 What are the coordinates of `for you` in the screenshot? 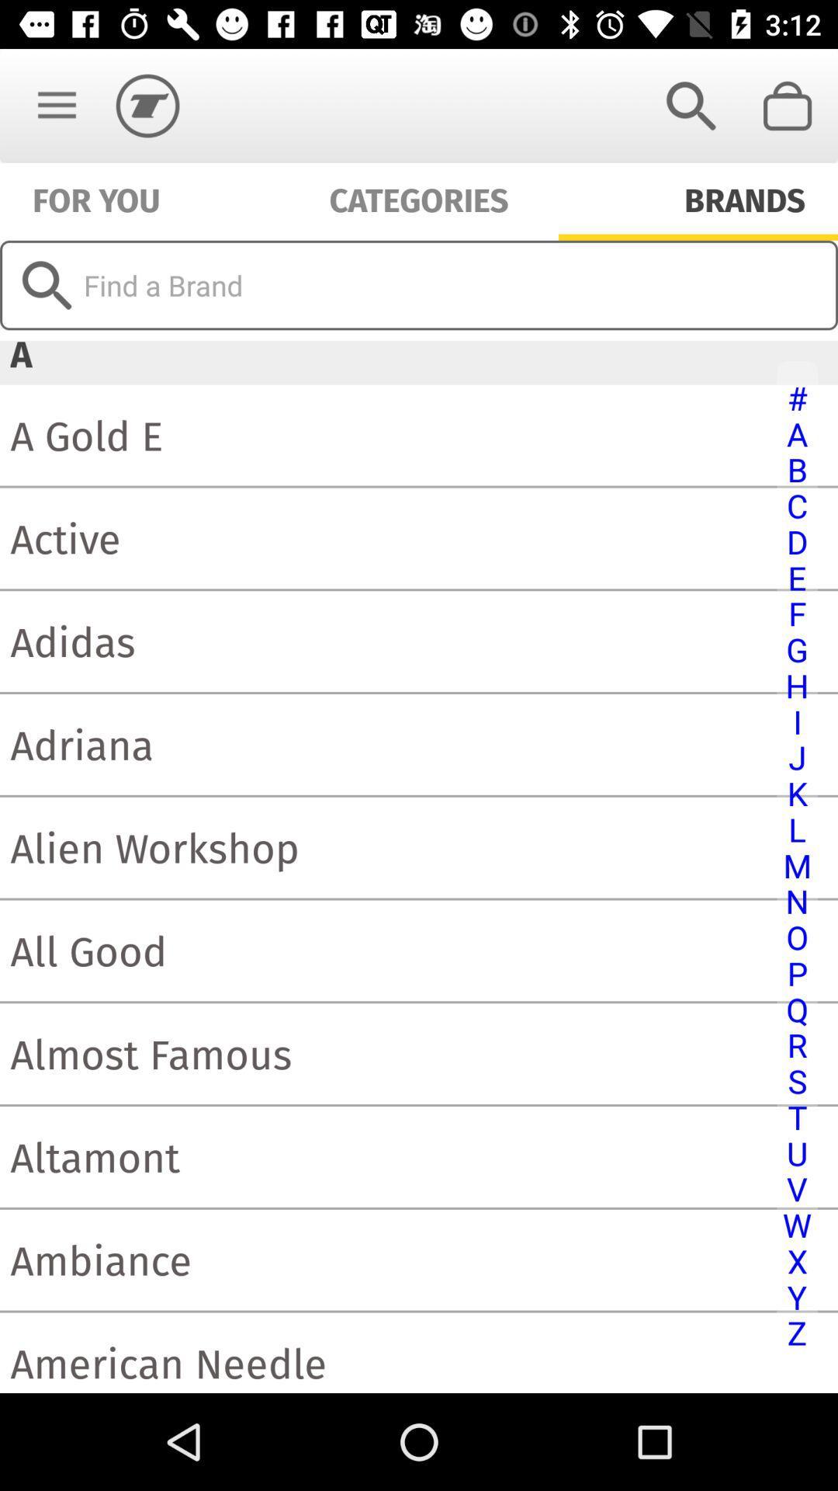 It's located at (96, 197).